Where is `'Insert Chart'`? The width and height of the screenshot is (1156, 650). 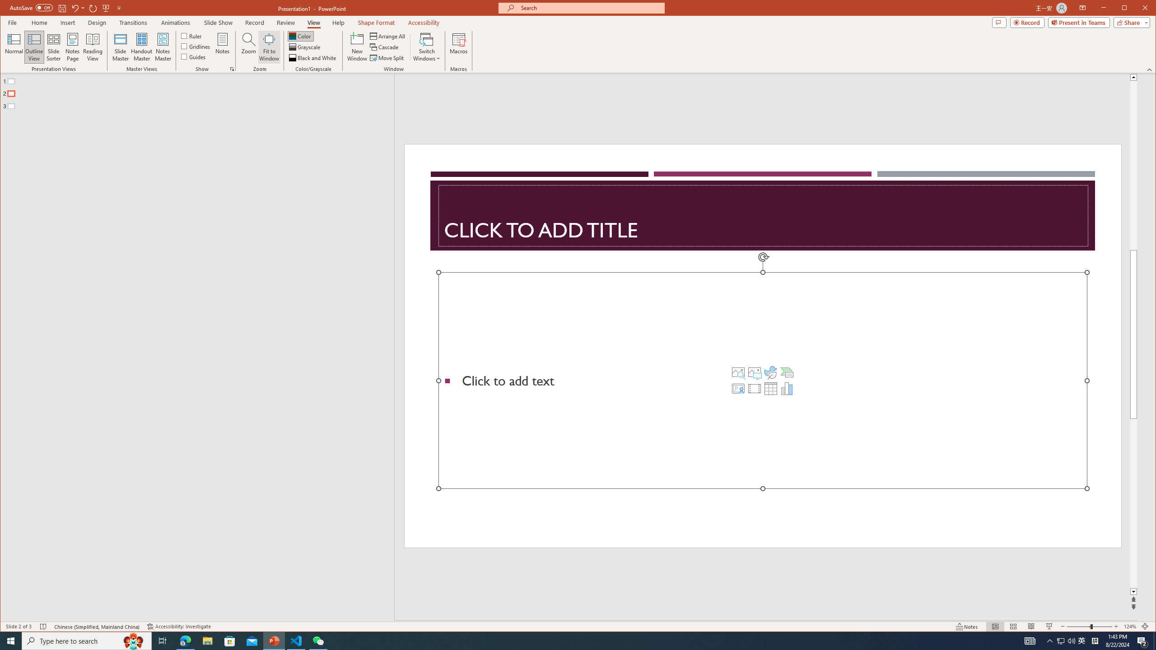
'Insert Chart' is located at coordinates (787, 389).